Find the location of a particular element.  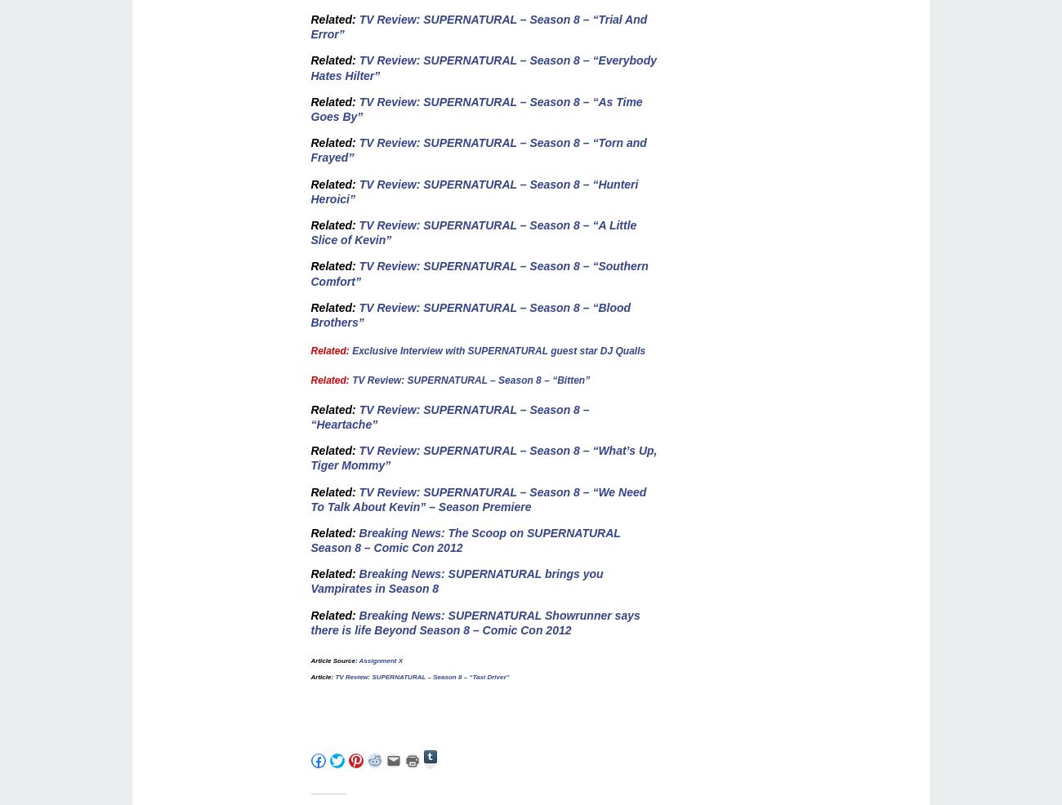

'Breaking News: SUPERNATURAL Showrunner says there is life Beyond Season 8 – Comic Con 2012' is located at coordinates (474, 621).